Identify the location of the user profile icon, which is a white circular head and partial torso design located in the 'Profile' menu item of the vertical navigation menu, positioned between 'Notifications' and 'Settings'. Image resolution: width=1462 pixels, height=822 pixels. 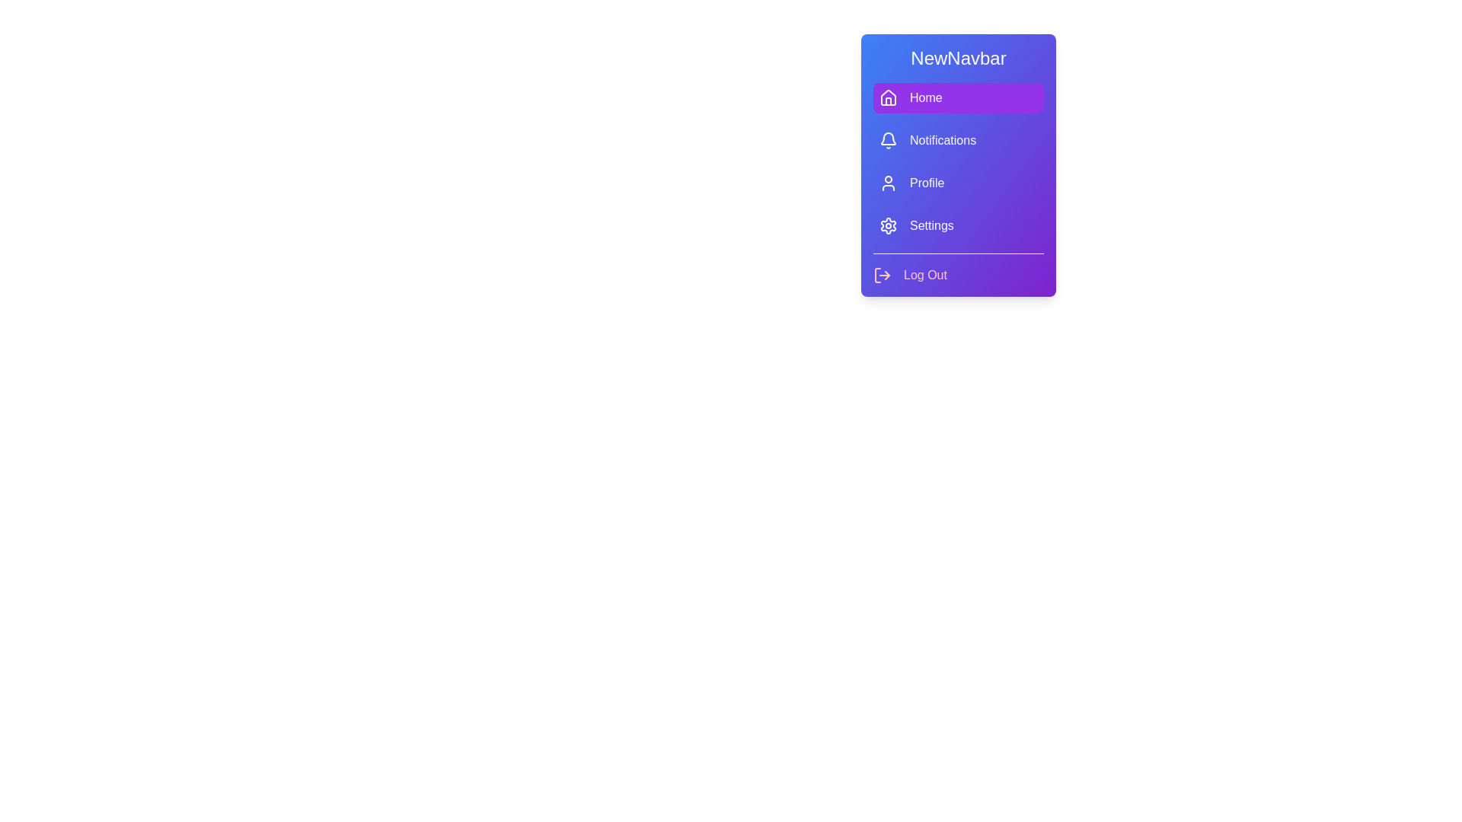
(888, 182).